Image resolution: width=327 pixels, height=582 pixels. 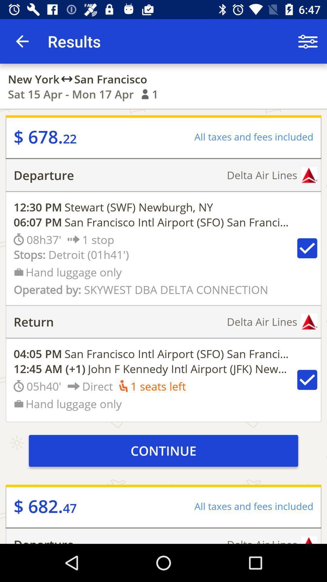 I want to click on item next to the results item, so click(x=308, y=41).